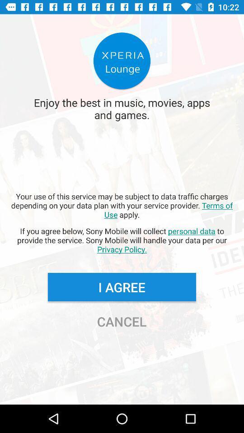  Describe the element at coordinates (122, 321) in the screenshot. I see `the icon below i agree icon` at that location.